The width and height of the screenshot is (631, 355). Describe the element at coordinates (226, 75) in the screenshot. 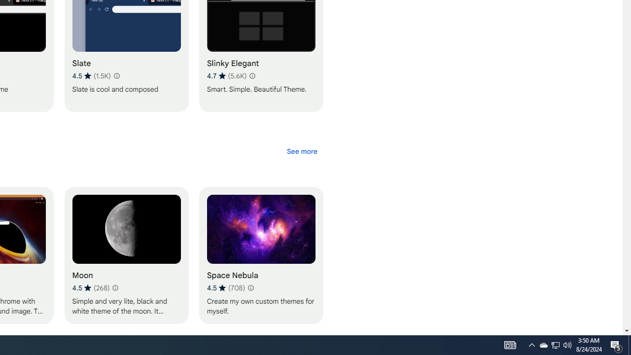

I see `'Average rating 4.7 out of 5 stars. 5.6K ratings.'` at that location.